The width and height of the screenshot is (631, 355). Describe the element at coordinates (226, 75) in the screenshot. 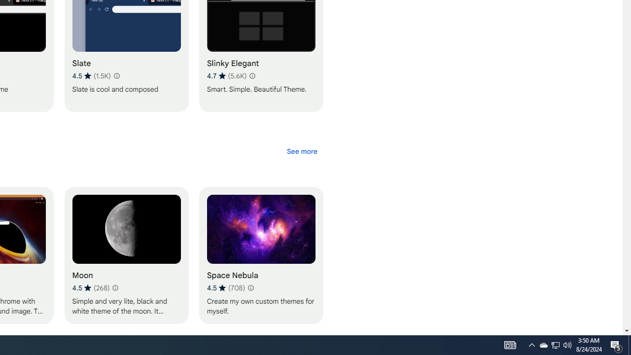

I see `'Average rating 4.7 out of 5 stars. 5.6K ratings.'` at that location.